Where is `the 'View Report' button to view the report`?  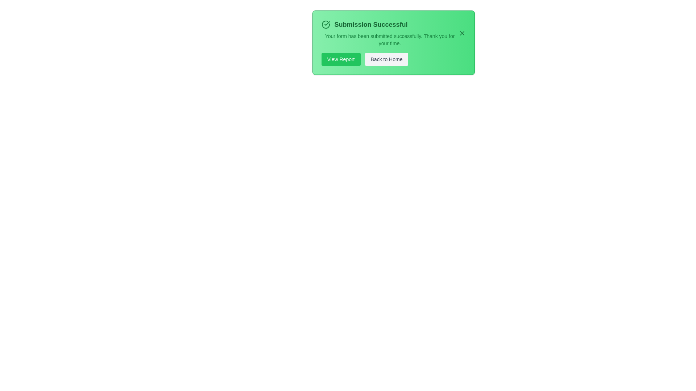
the 'View Report' button to view the report is located at coordinates (340, 59).